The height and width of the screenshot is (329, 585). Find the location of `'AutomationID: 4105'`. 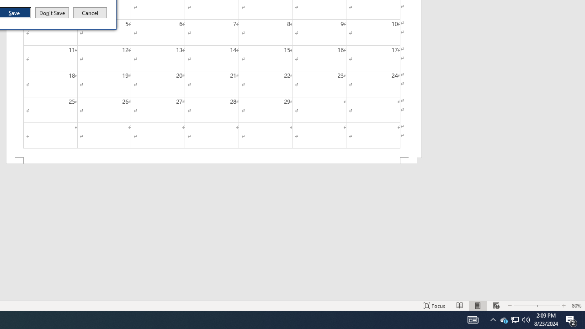

'AutomationID: 4105' is located at coordinates (473, 319).